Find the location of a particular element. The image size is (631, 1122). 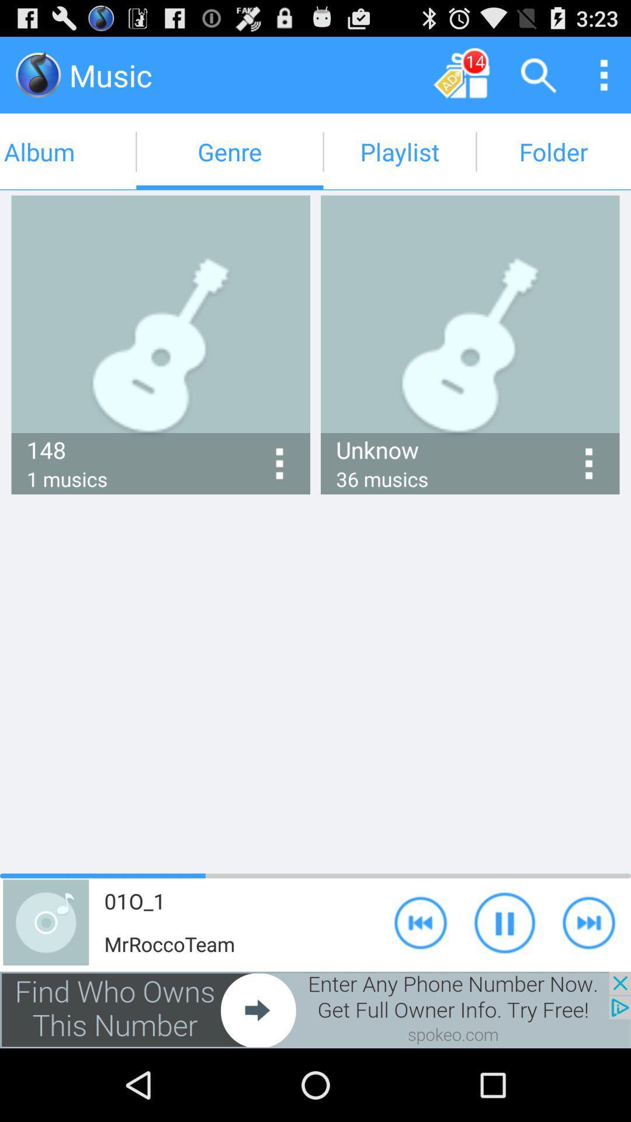

the pause icon is located at coordinates (504, 986).